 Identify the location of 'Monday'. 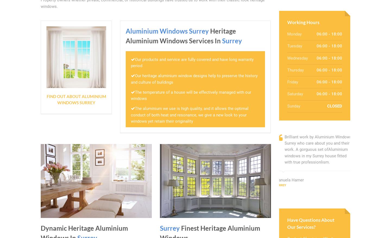
(294, 34).